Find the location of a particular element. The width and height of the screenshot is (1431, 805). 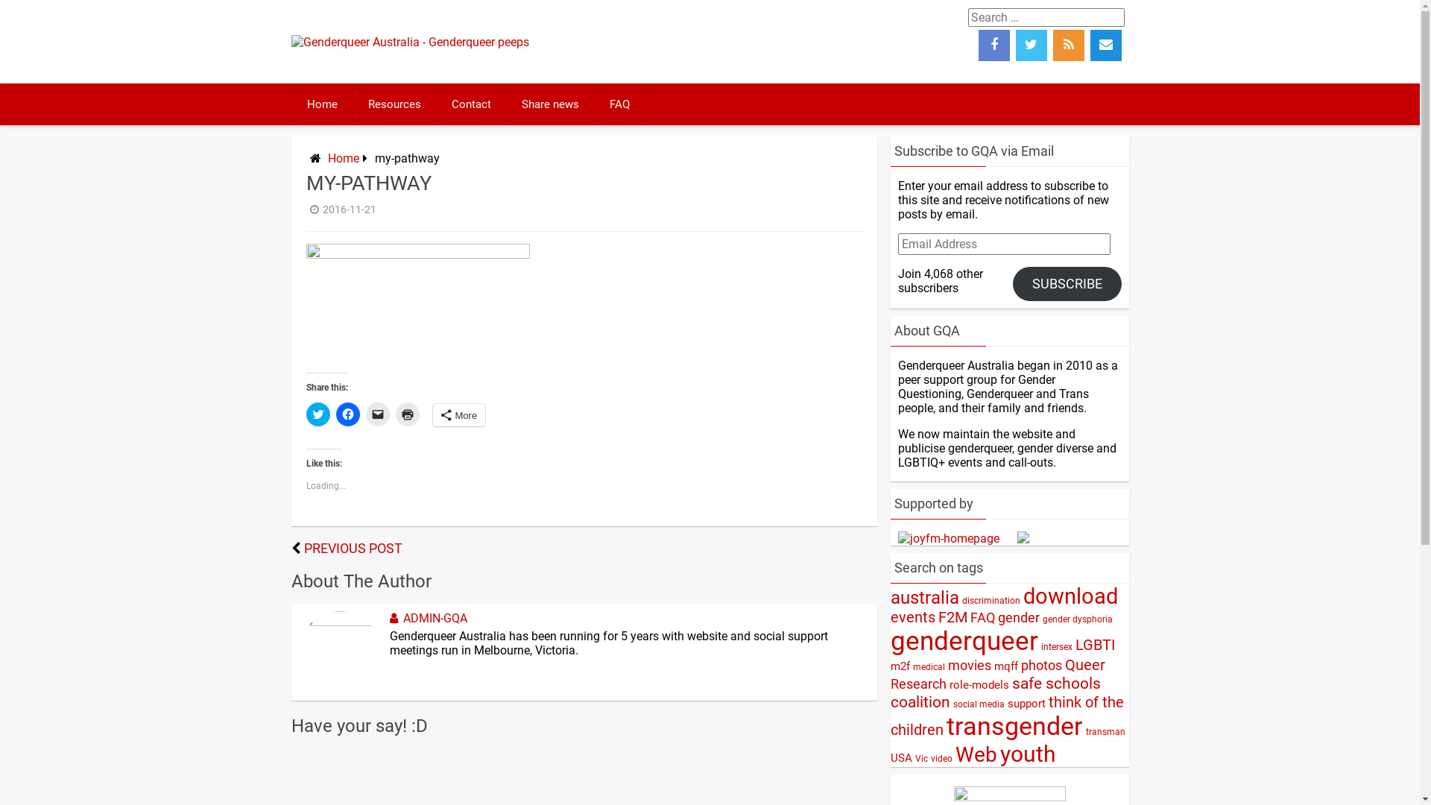

'think of the children' is located at coordinates (1006, 715).